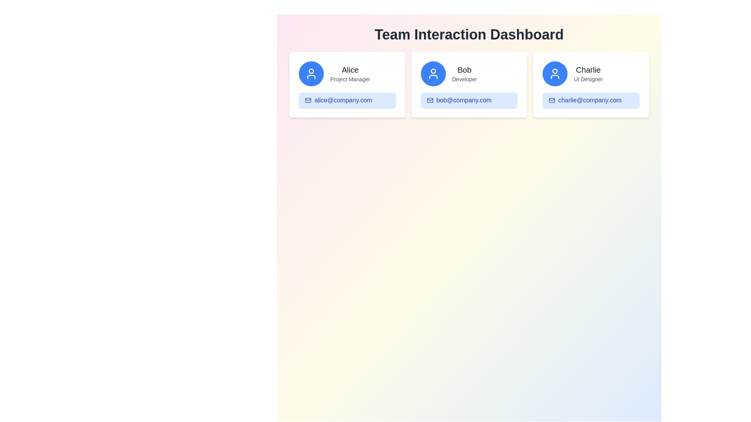  Describe the element at coordinates (555, 71) in the screenshot. I see `the circular part of the avatar icon on the card labeled 'Charlie' located in the top-left corner of the three-card layout` at that location.